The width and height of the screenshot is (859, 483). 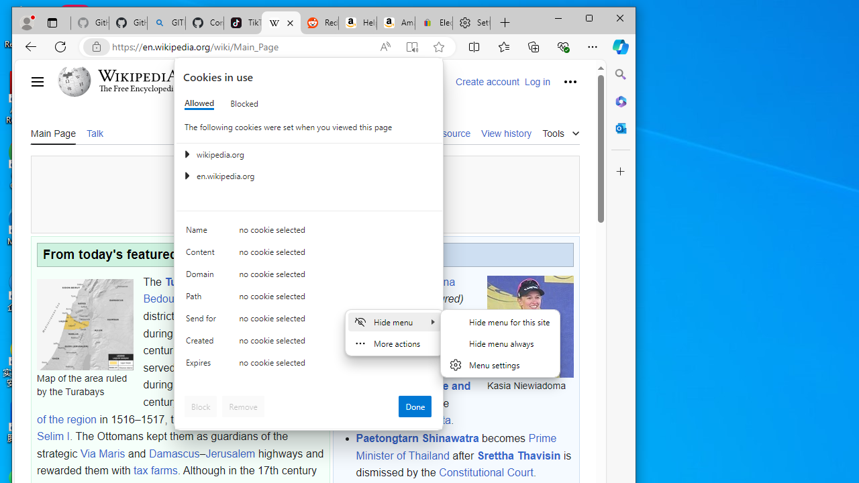 What do you see at coordinates (499, 364) in the screenshot?
I see `'Menu settings'` at bounding box center [499, 364].